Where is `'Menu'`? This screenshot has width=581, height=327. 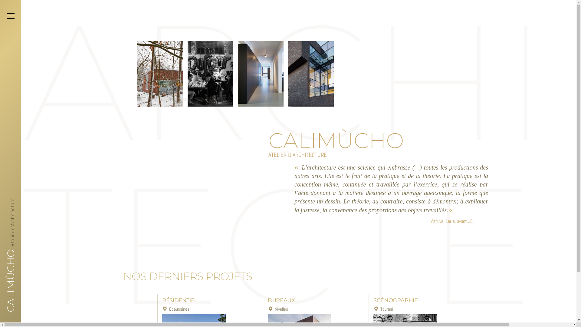
'Menu' is located at coordinates (4, 16).